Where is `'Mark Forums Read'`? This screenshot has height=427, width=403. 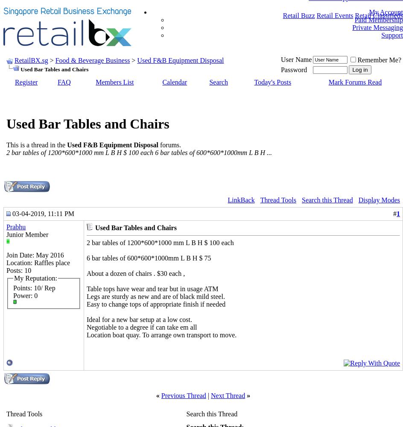 'Mark Forums Read' is located at coordinates (355, 82).